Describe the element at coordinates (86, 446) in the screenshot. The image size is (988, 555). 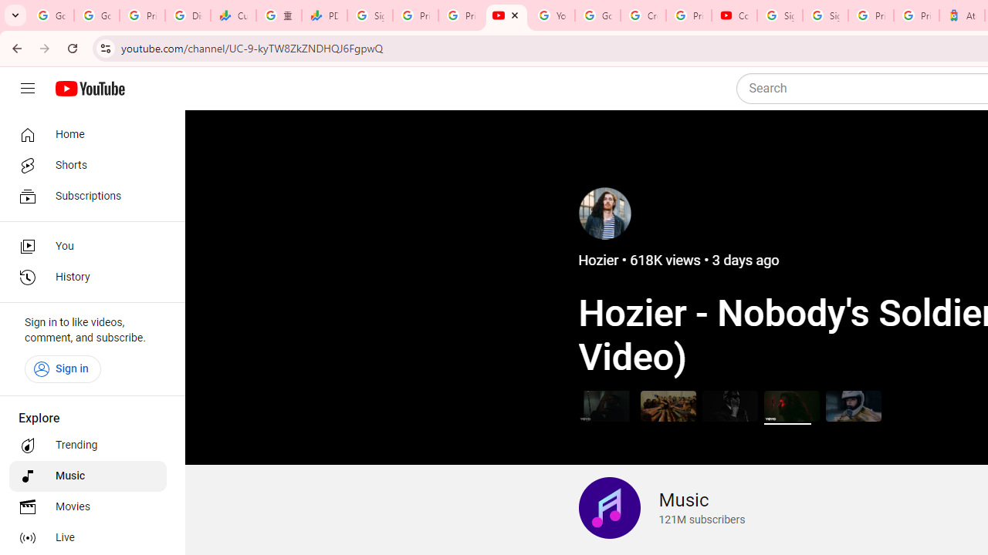
I see `'Trending'` at that location.